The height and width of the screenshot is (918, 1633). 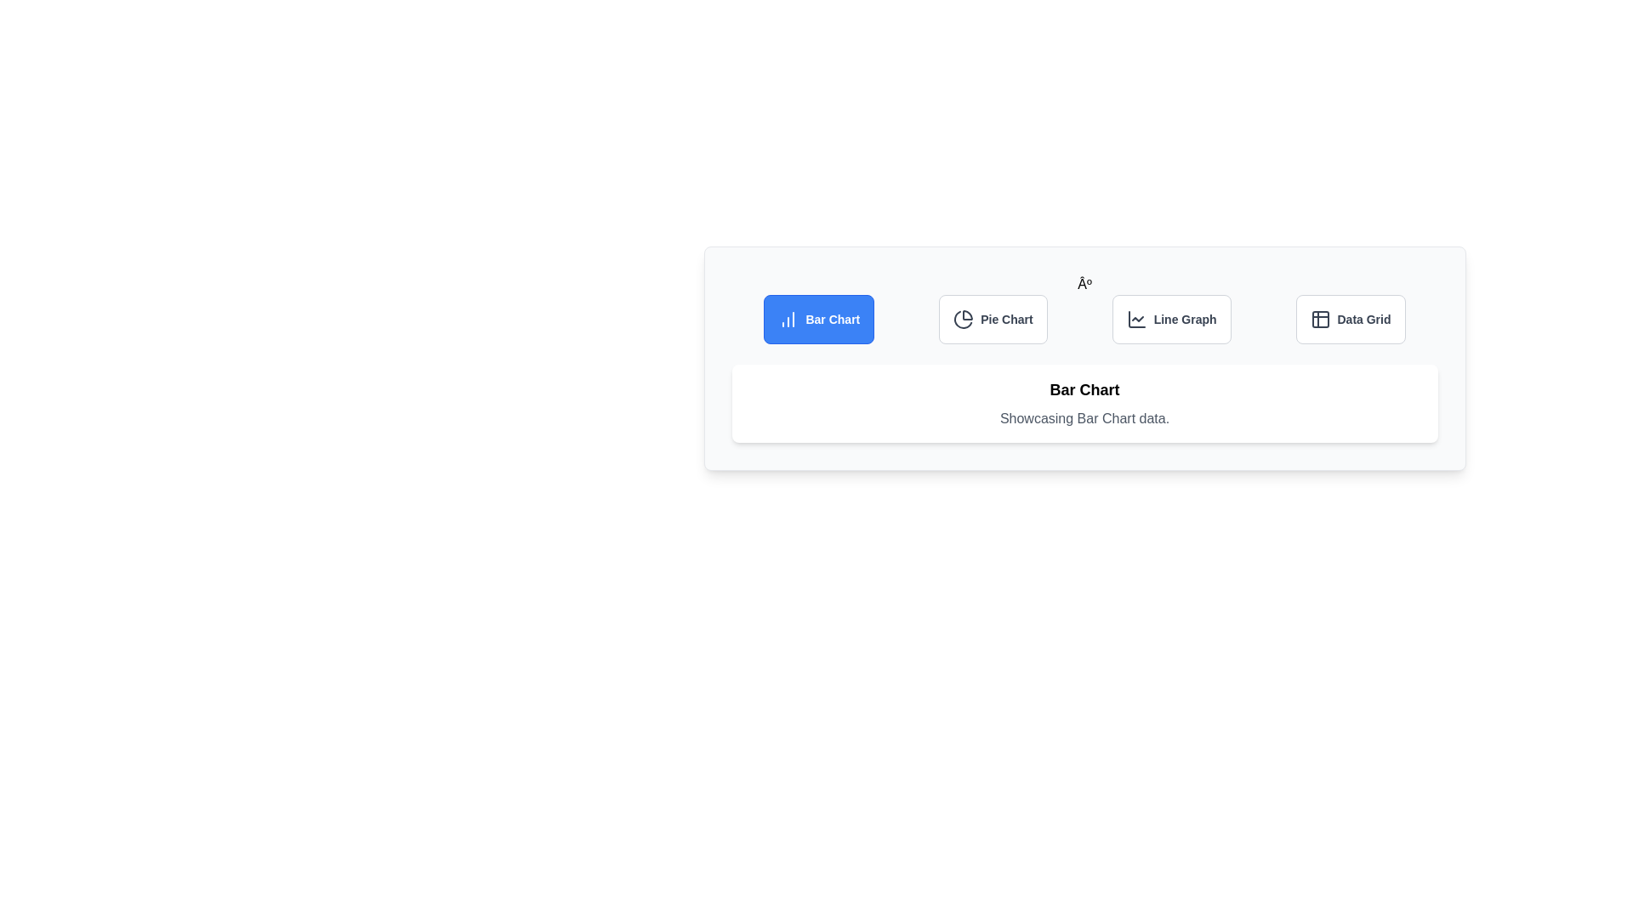 I want to click on the button labeled Pie Chart to observe its visual feedback, so click(x=993, y=319).